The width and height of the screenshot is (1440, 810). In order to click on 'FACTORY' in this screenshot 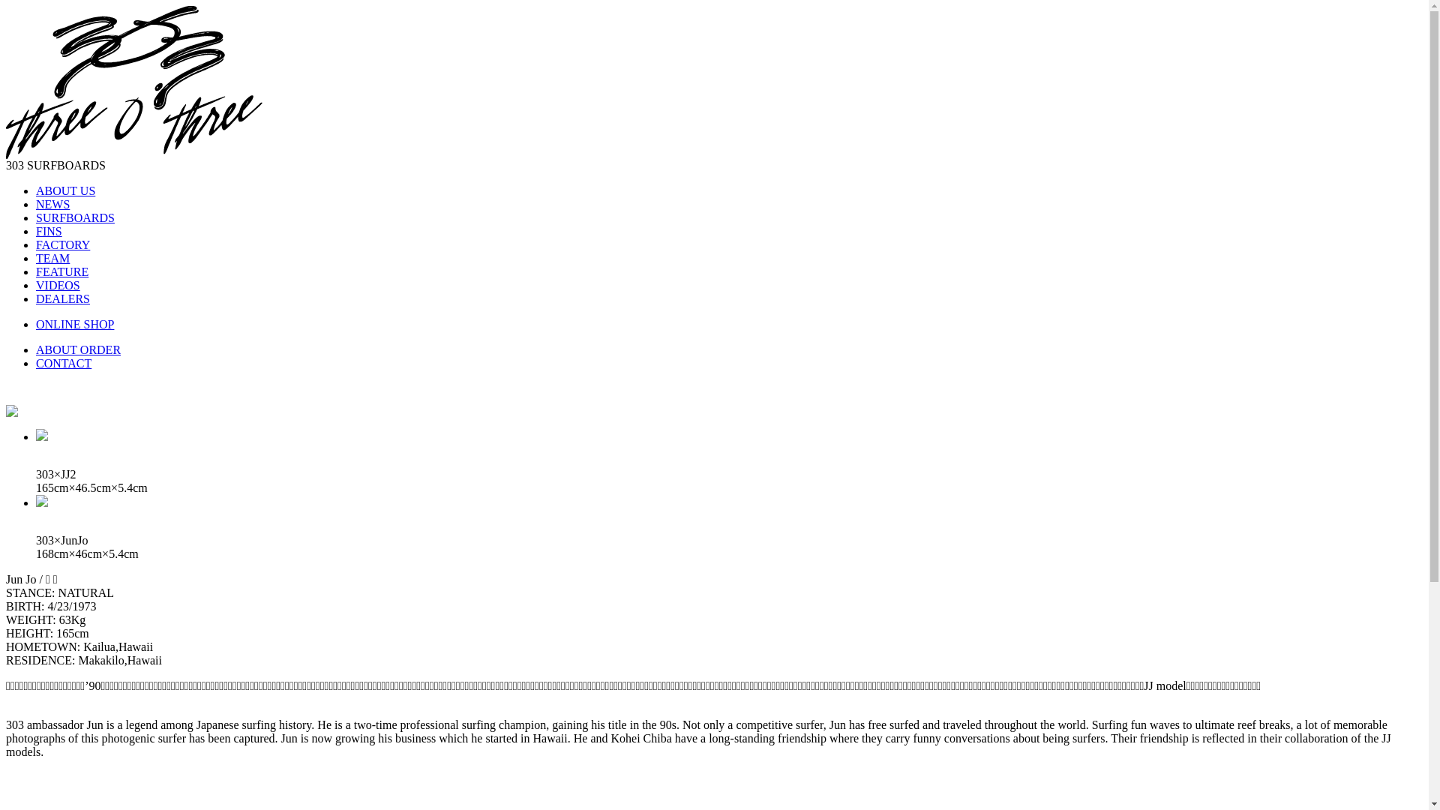, I will do `click(61, 244)`.